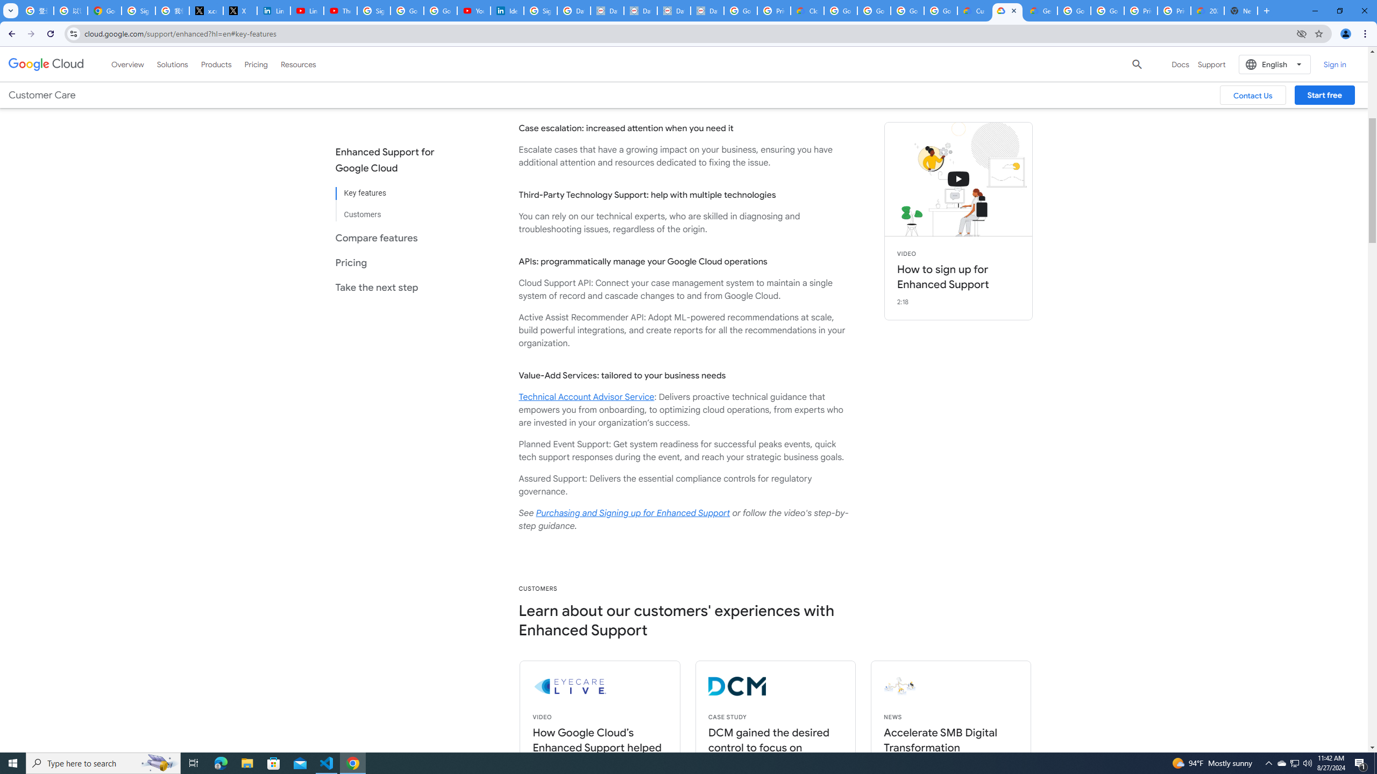 This screenshot has width=1377, height=774. I want to click on 'Sign in - Google Accounts', so click(373, 10).